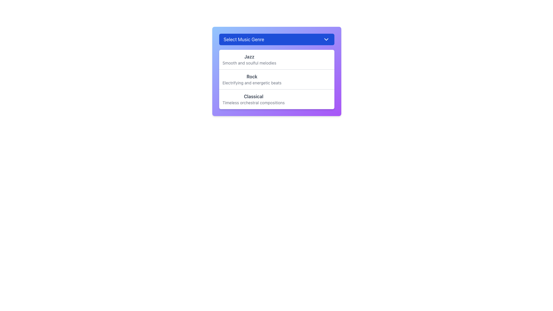 The width and height of the screenshot is (553, 311). What do you see at coordinates (252, 79) in the screenshot?
I see `the text option that displays 'Rock' and its subtext 'Electrifying and energetic beats' in the dropdown menu` at bounding box center [252, 79].